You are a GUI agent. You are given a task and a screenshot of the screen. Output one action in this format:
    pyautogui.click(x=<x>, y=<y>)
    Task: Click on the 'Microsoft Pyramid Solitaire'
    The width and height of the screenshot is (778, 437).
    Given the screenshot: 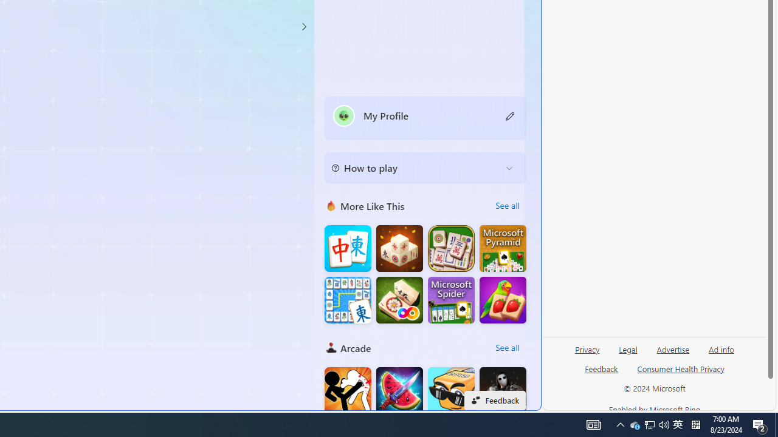 What is the action you would take?
    pyautogui.click(x=503, y=248)
    